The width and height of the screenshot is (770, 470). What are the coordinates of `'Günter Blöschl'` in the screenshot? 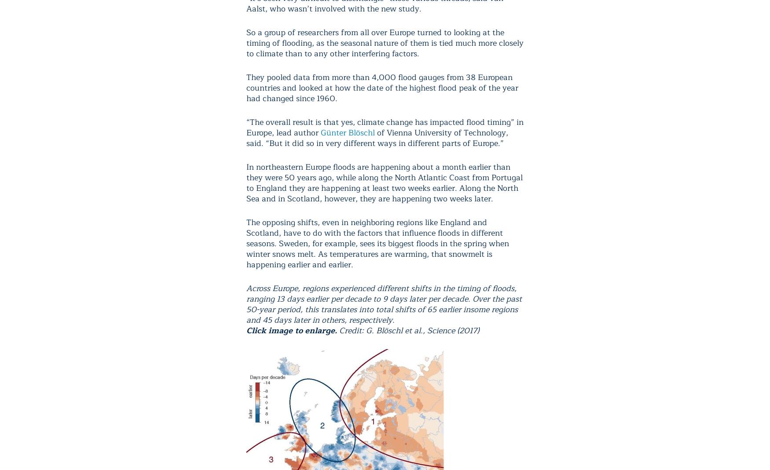 It's located at (347, 132).